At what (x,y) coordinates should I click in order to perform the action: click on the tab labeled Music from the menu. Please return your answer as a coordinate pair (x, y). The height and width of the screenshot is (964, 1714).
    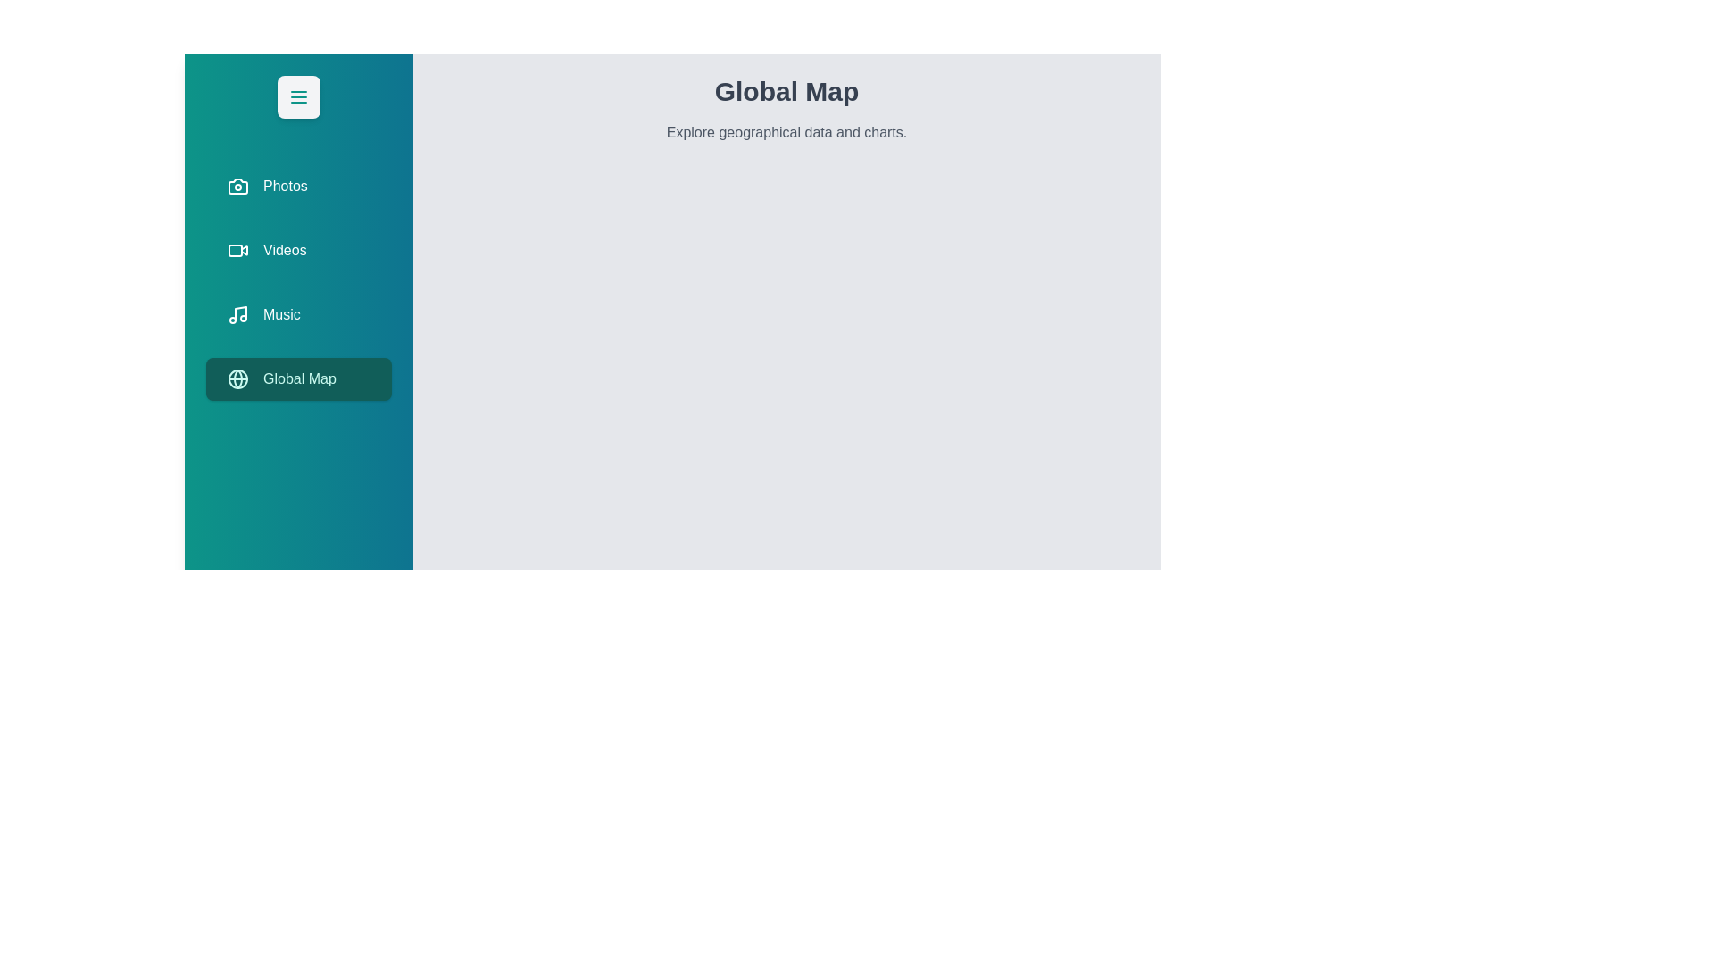
    Looking at the image, I should click on (299, 314).